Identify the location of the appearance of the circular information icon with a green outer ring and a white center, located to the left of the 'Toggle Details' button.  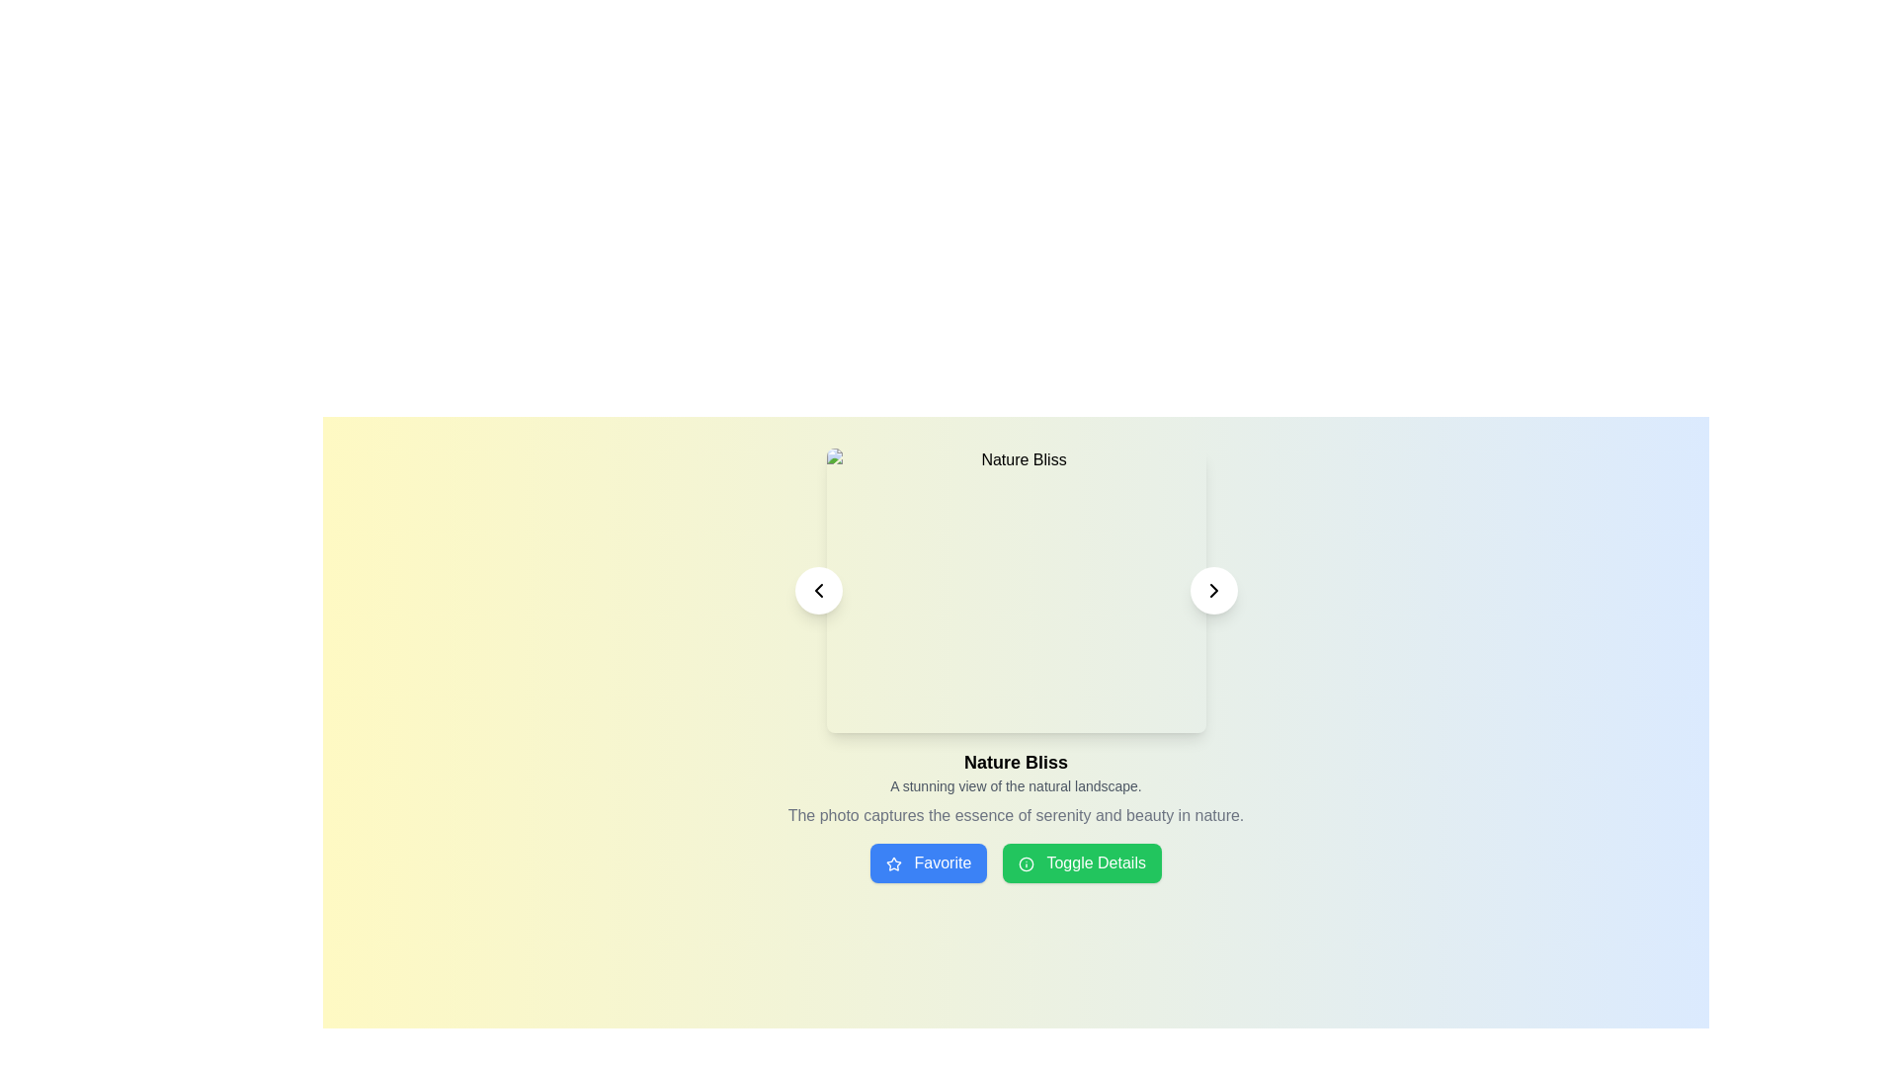
(1027, 862).